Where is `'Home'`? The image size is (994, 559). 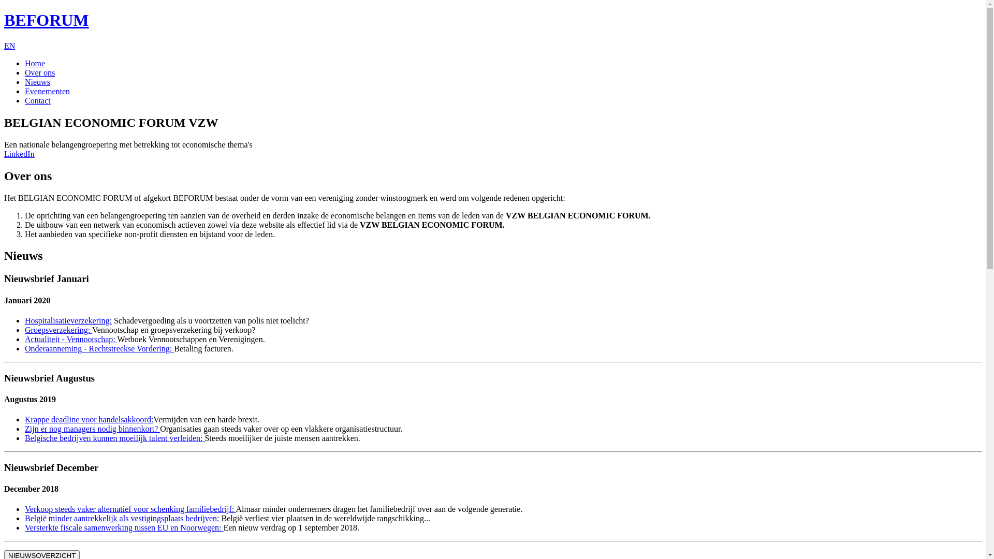 'Home' is located at coordinates (25, 63).